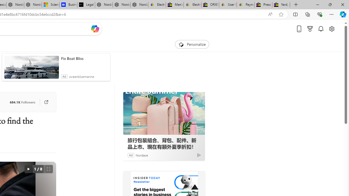 The image size is (349, 196). Describe the element at coordinates (245, 5) in the screenshot. I see `'Payments Terms of Use | eBay.com'` at that location.